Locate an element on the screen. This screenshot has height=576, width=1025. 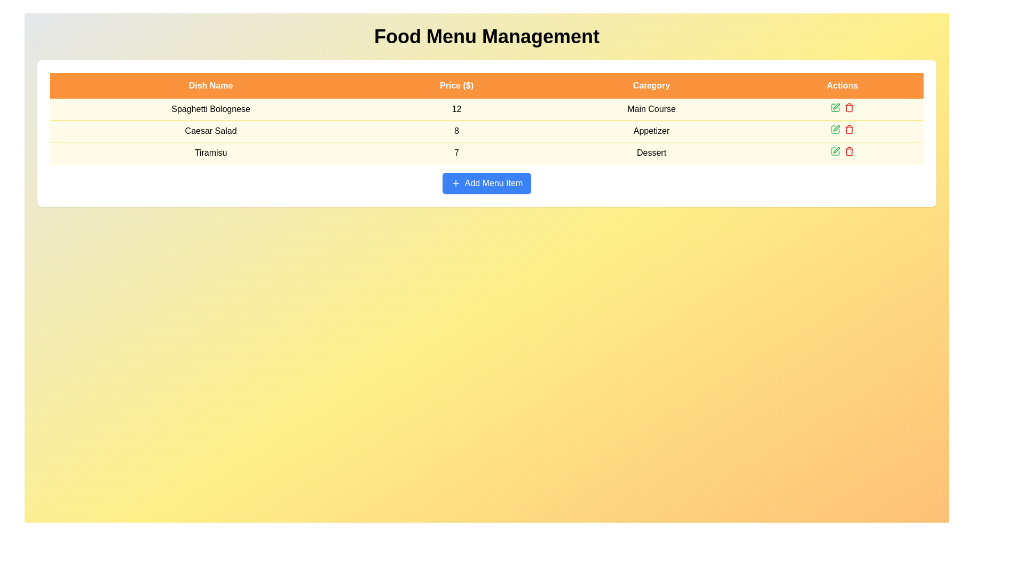
the price label of the dish 'Tiramisu' in the 'Food Menu Management' table, which is located in the second column under the 'Price ($)' header is located at coordinates (456, 153).